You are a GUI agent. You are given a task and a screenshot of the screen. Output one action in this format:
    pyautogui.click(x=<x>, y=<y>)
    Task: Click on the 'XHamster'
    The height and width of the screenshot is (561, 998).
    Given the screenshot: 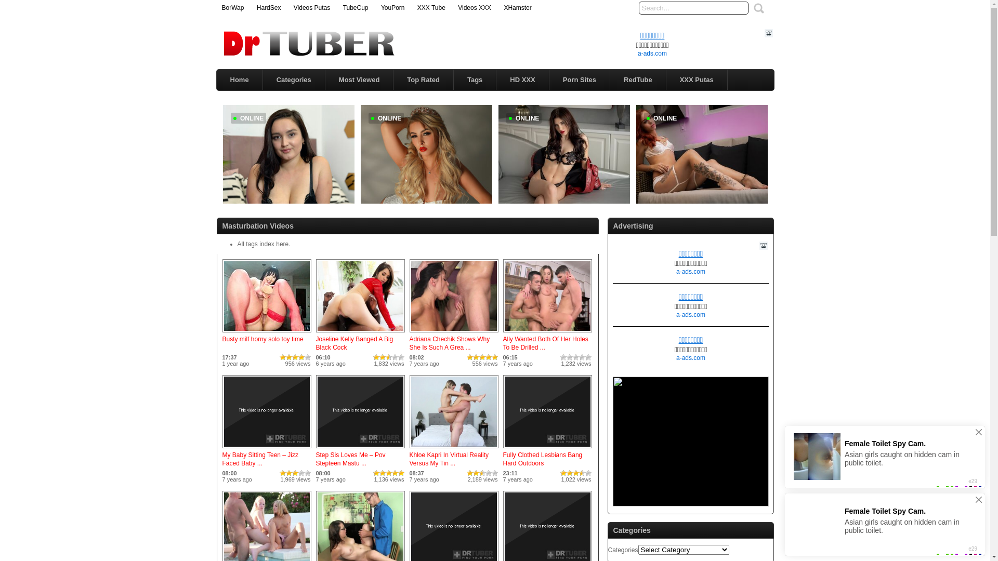 What is the action you would take?
    pyautogui.click(x=517, y=8)
    